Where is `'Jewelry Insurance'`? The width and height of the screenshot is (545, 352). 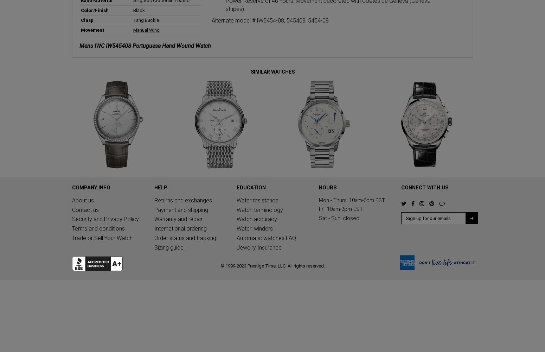 'Jewelry Insurance' is located at coordinates (259, 247).